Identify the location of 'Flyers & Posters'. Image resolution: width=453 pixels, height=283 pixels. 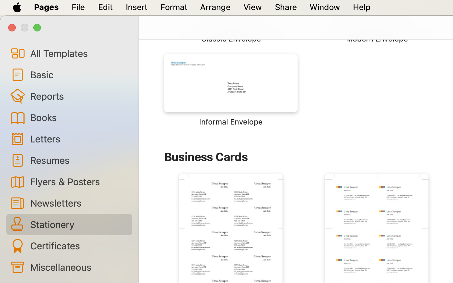
(78, 181).